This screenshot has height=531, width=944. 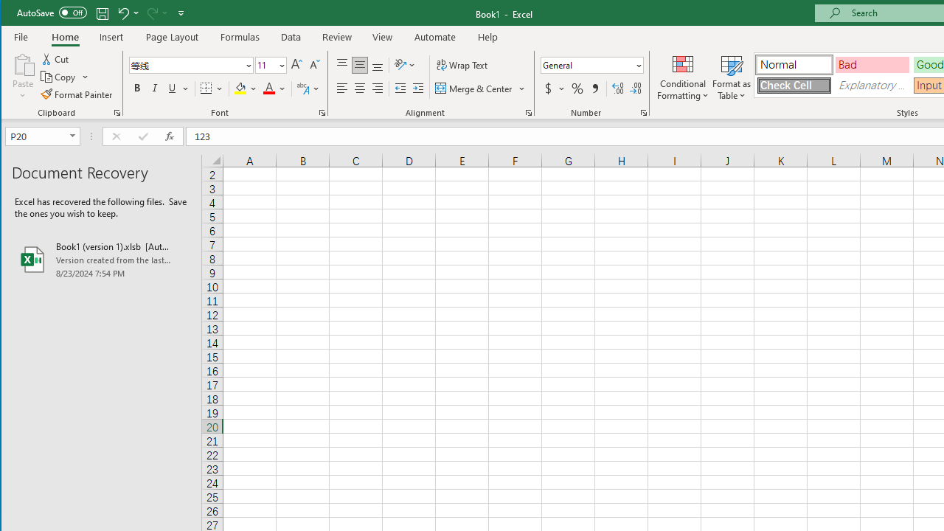 What do you see at coordinates (205, 88) in the screenshot?
I see `'Bottom Border'` at bounding box center [205, 88].